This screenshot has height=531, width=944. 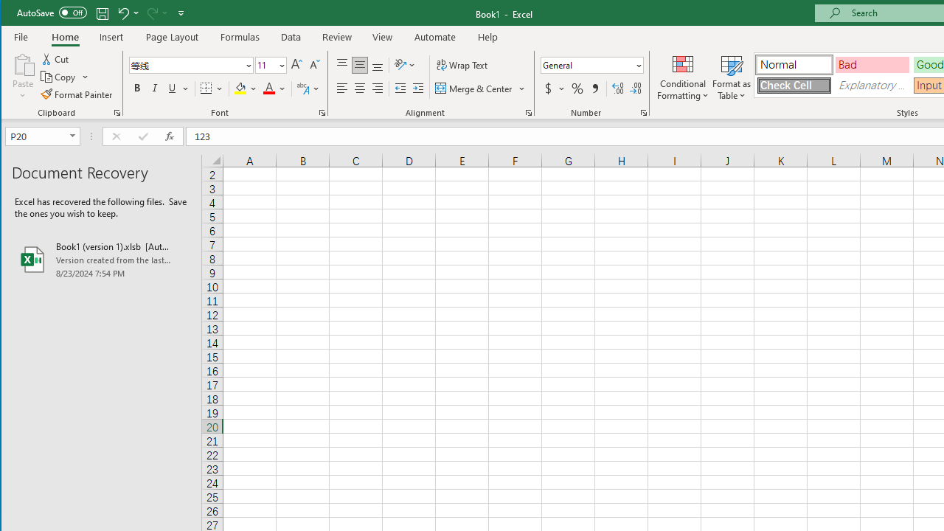 What do you see at coordinates (205, 88) in the screenshot?
I see `'Bottom Border'` at bounding box center [205, 88].